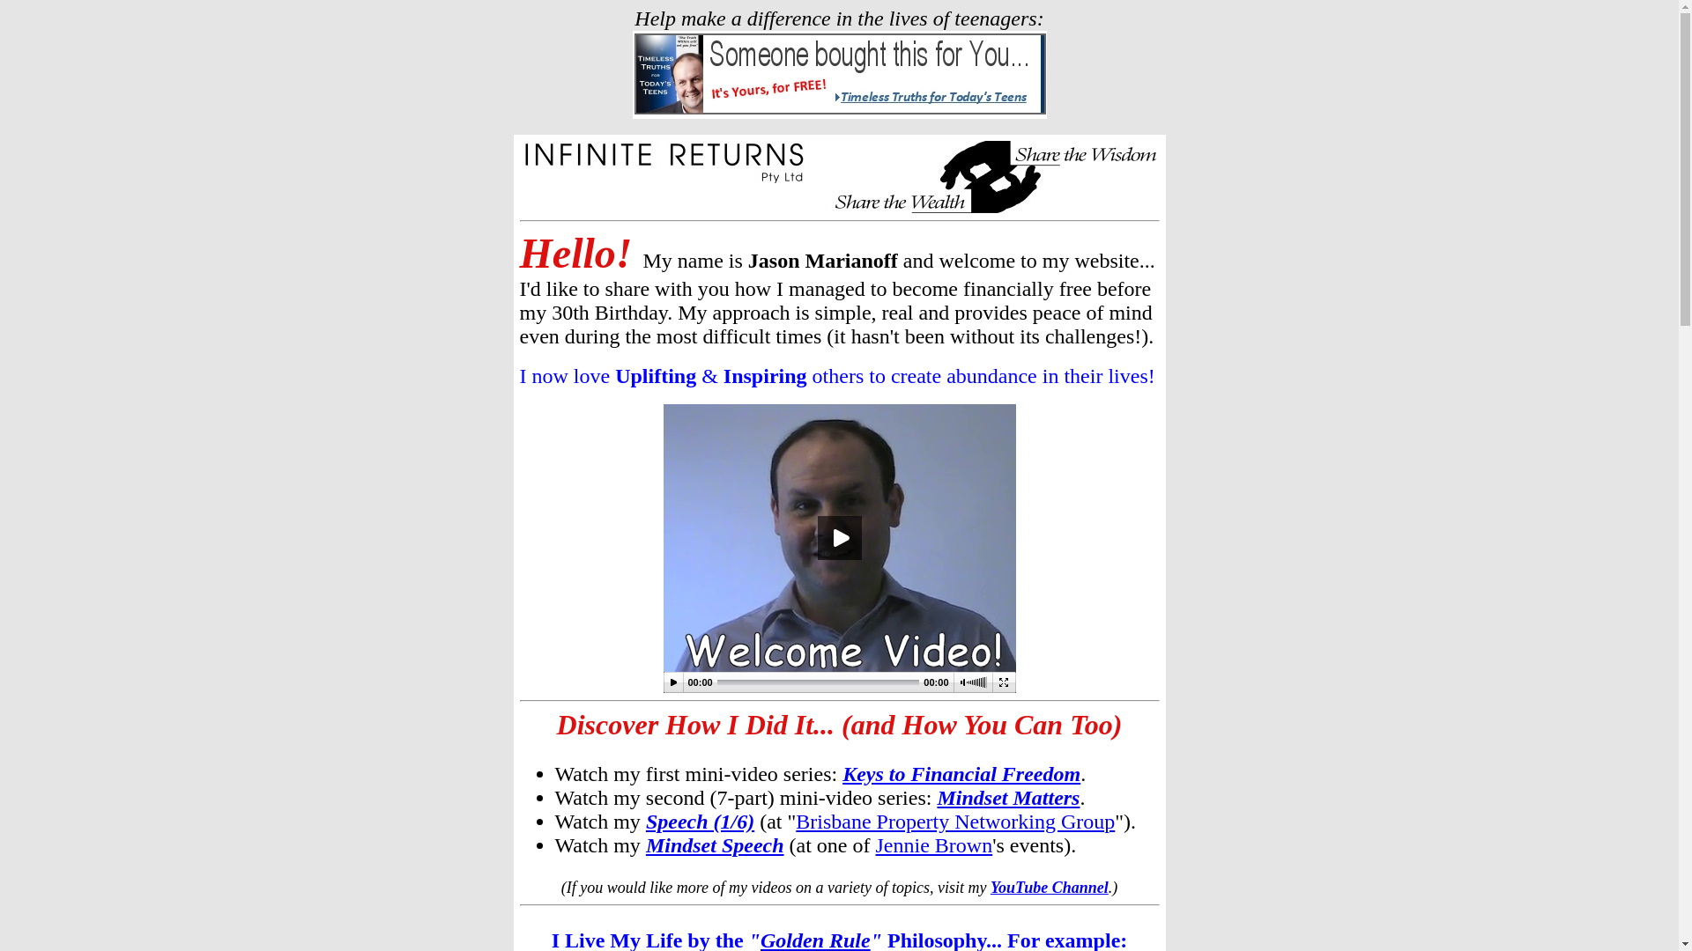 The height and width of the screenshot is (951, 1692). What do you see at coordinates (933, 844) in the screenshot?
I see `'Jennie Brown'` at bounding box center [933, 844].